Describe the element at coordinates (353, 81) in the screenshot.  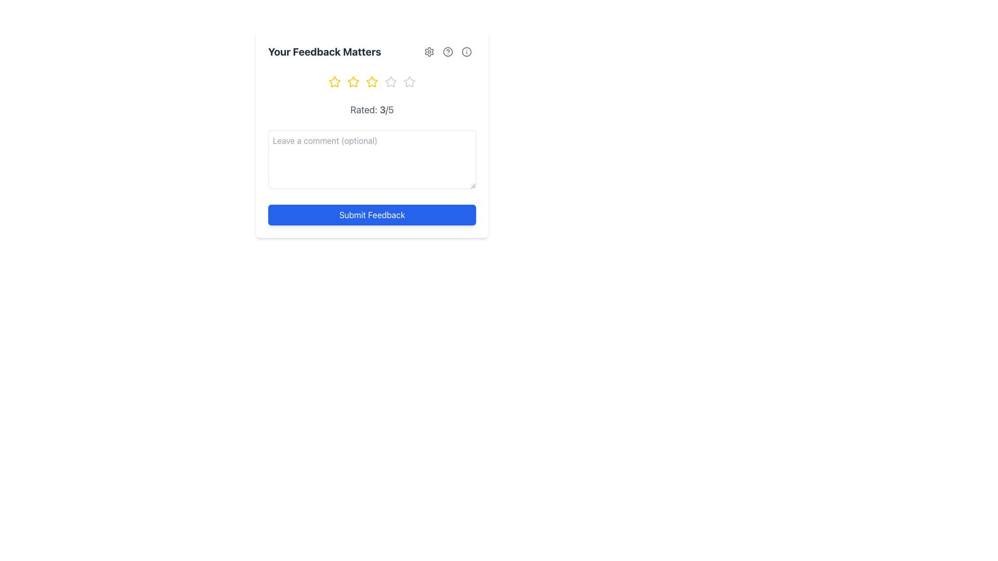
I see `the second star icon in the rating system located below 'Your Feedback Matters' and above 'Rated: 3/5'` at that location.